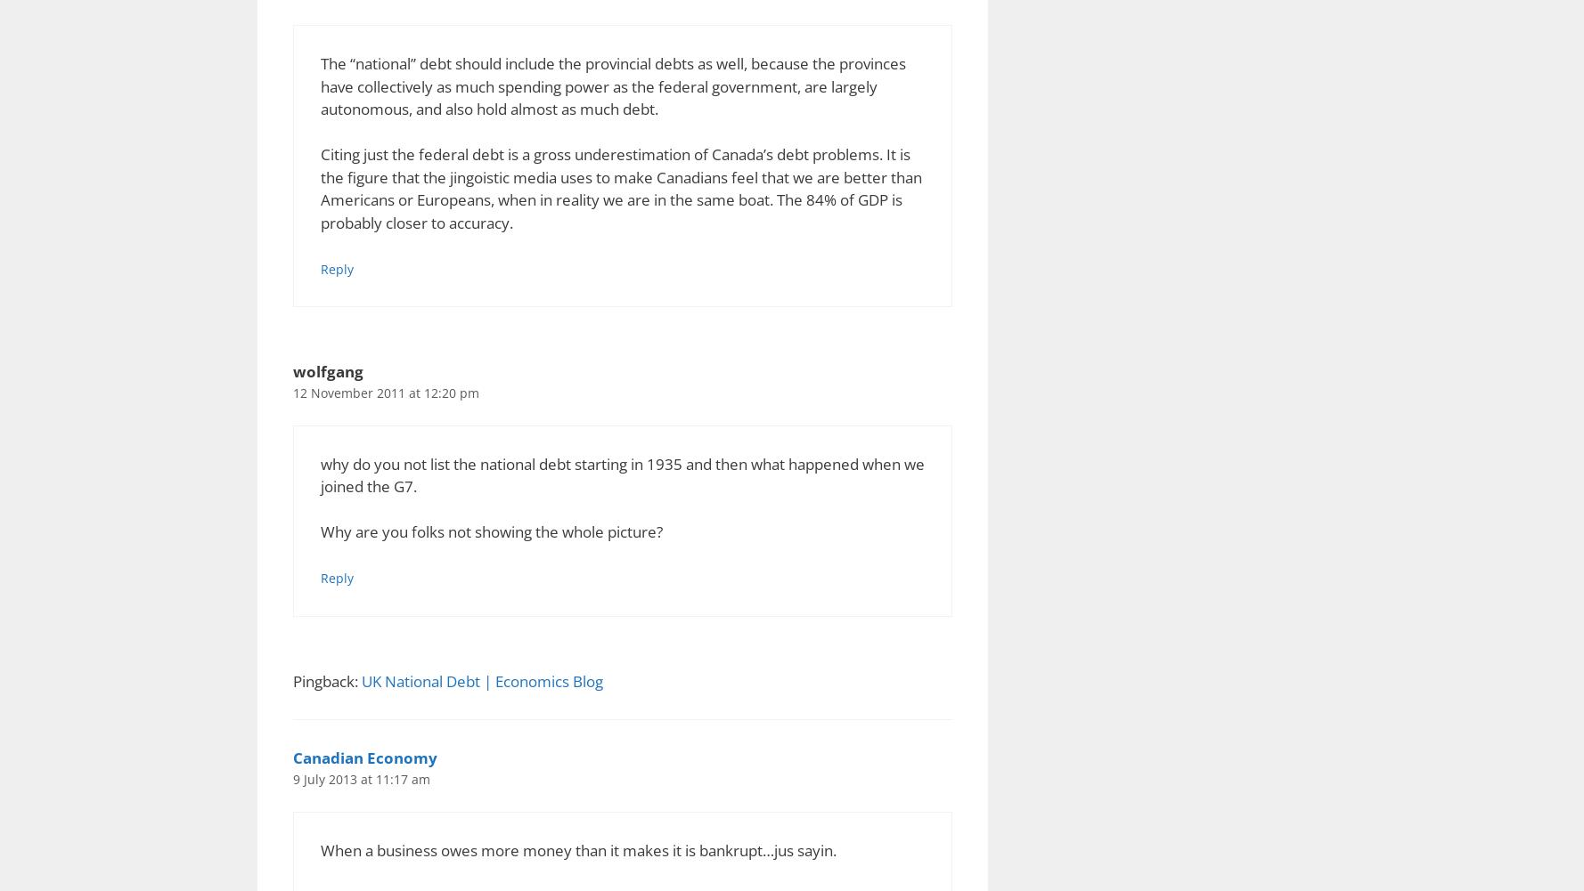 The height and width of the screenshot is (891, 1584). I want to click on 'When a business owes more money than it makes it is bankrupt…jus sayin.', so click(578, 848).